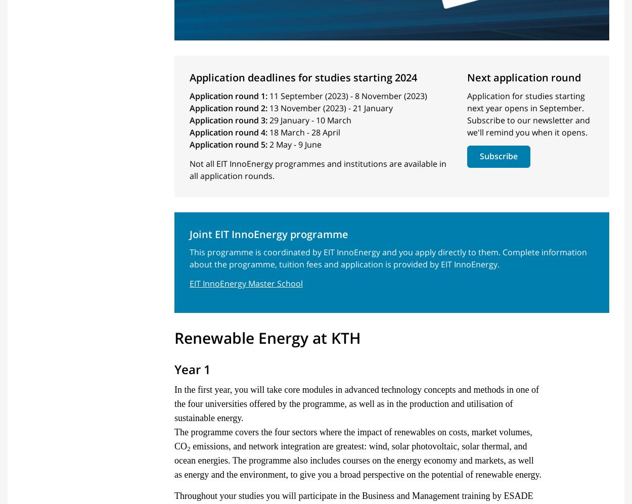 The image size is (632, 504). Describe the element at coordinates (504, 416) in the screenshot. I see `'KTH on Facebook'` at that location.